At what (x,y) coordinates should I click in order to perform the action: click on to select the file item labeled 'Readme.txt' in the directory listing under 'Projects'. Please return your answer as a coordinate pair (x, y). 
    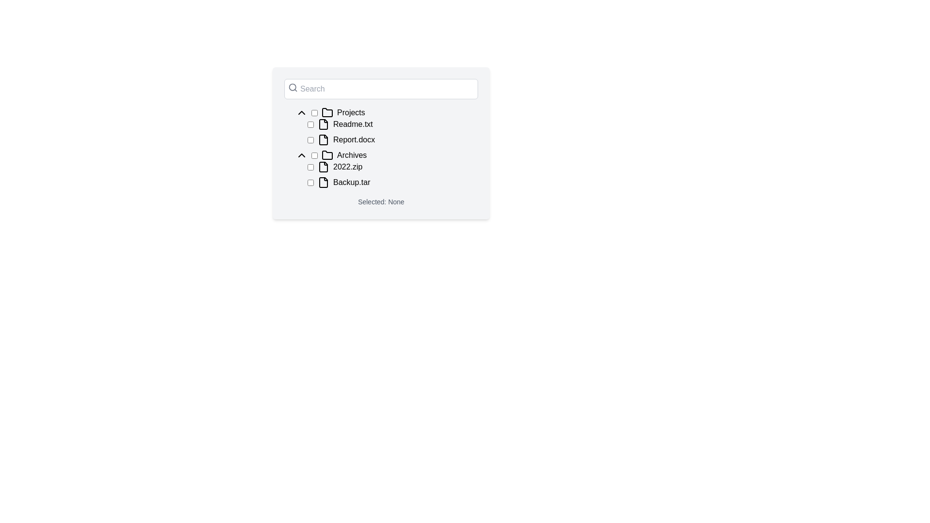
    Looking at the image, I should click on (393, 124).